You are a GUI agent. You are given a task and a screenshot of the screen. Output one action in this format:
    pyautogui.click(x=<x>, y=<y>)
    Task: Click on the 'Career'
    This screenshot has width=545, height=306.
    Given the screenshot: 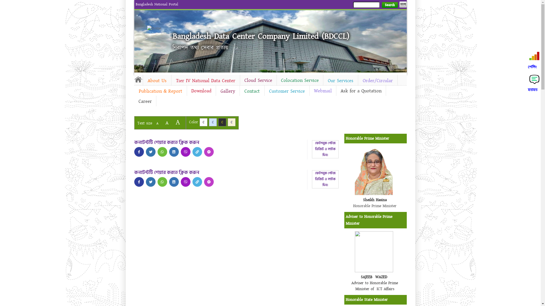 What is the action you would take?
    pyautogui.click(x=133, y=101)
    